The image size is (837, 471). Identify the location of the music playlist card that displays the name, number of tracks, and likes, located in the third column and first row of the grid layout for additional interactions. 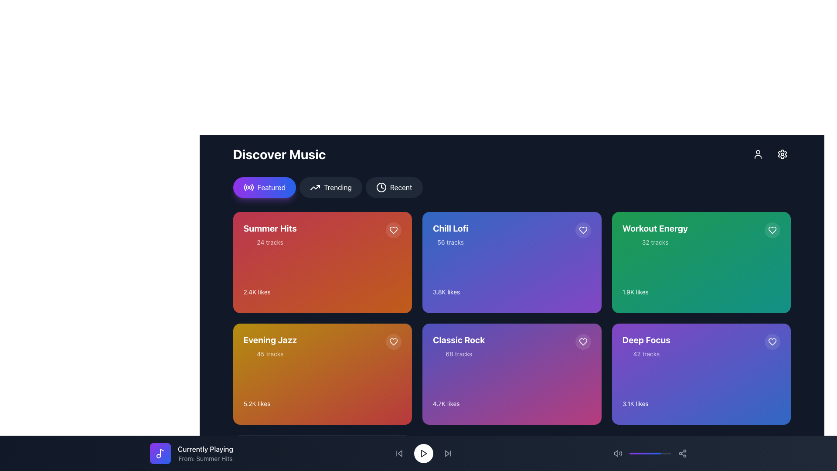
(701, 262).